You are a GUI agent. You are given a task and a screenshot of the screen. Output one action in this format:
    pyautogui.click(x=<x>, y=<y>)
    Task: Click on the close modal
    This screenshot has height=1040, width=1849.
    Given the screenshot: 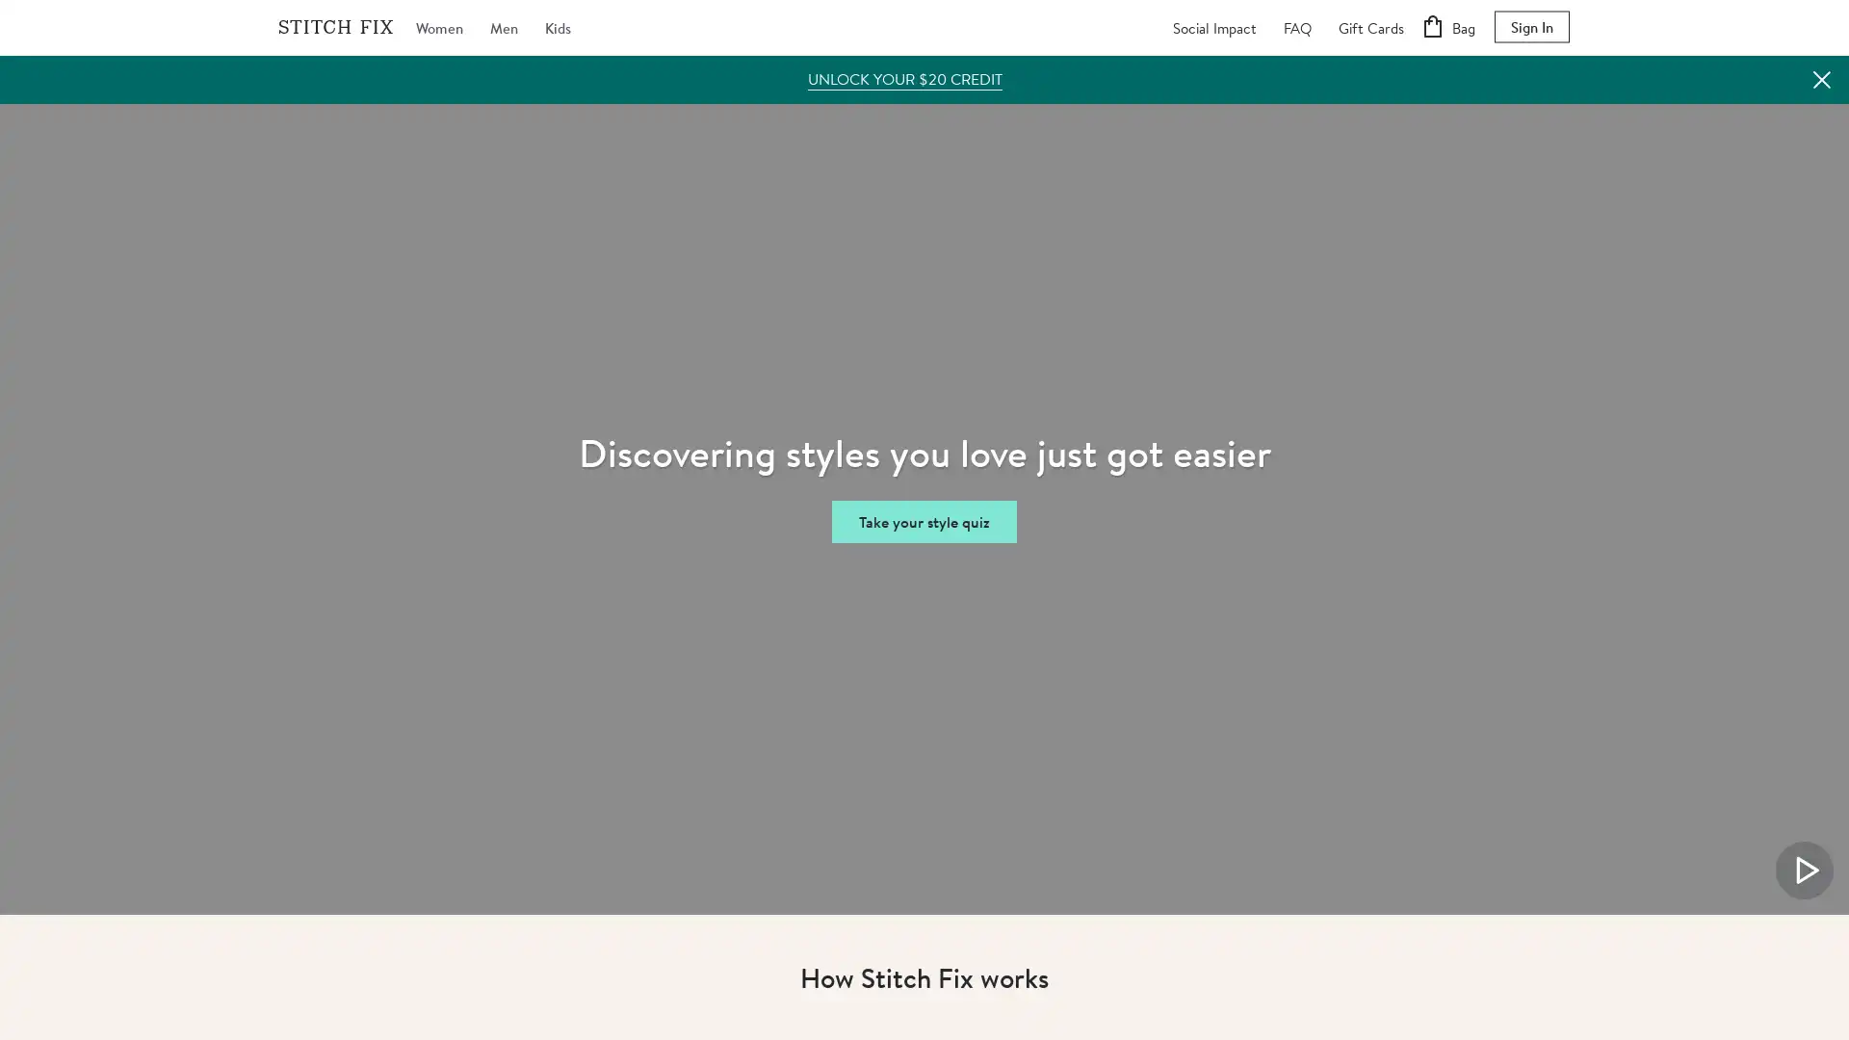 What is the action you would take?
    pyautogui.click(x=1166, y=177)
    